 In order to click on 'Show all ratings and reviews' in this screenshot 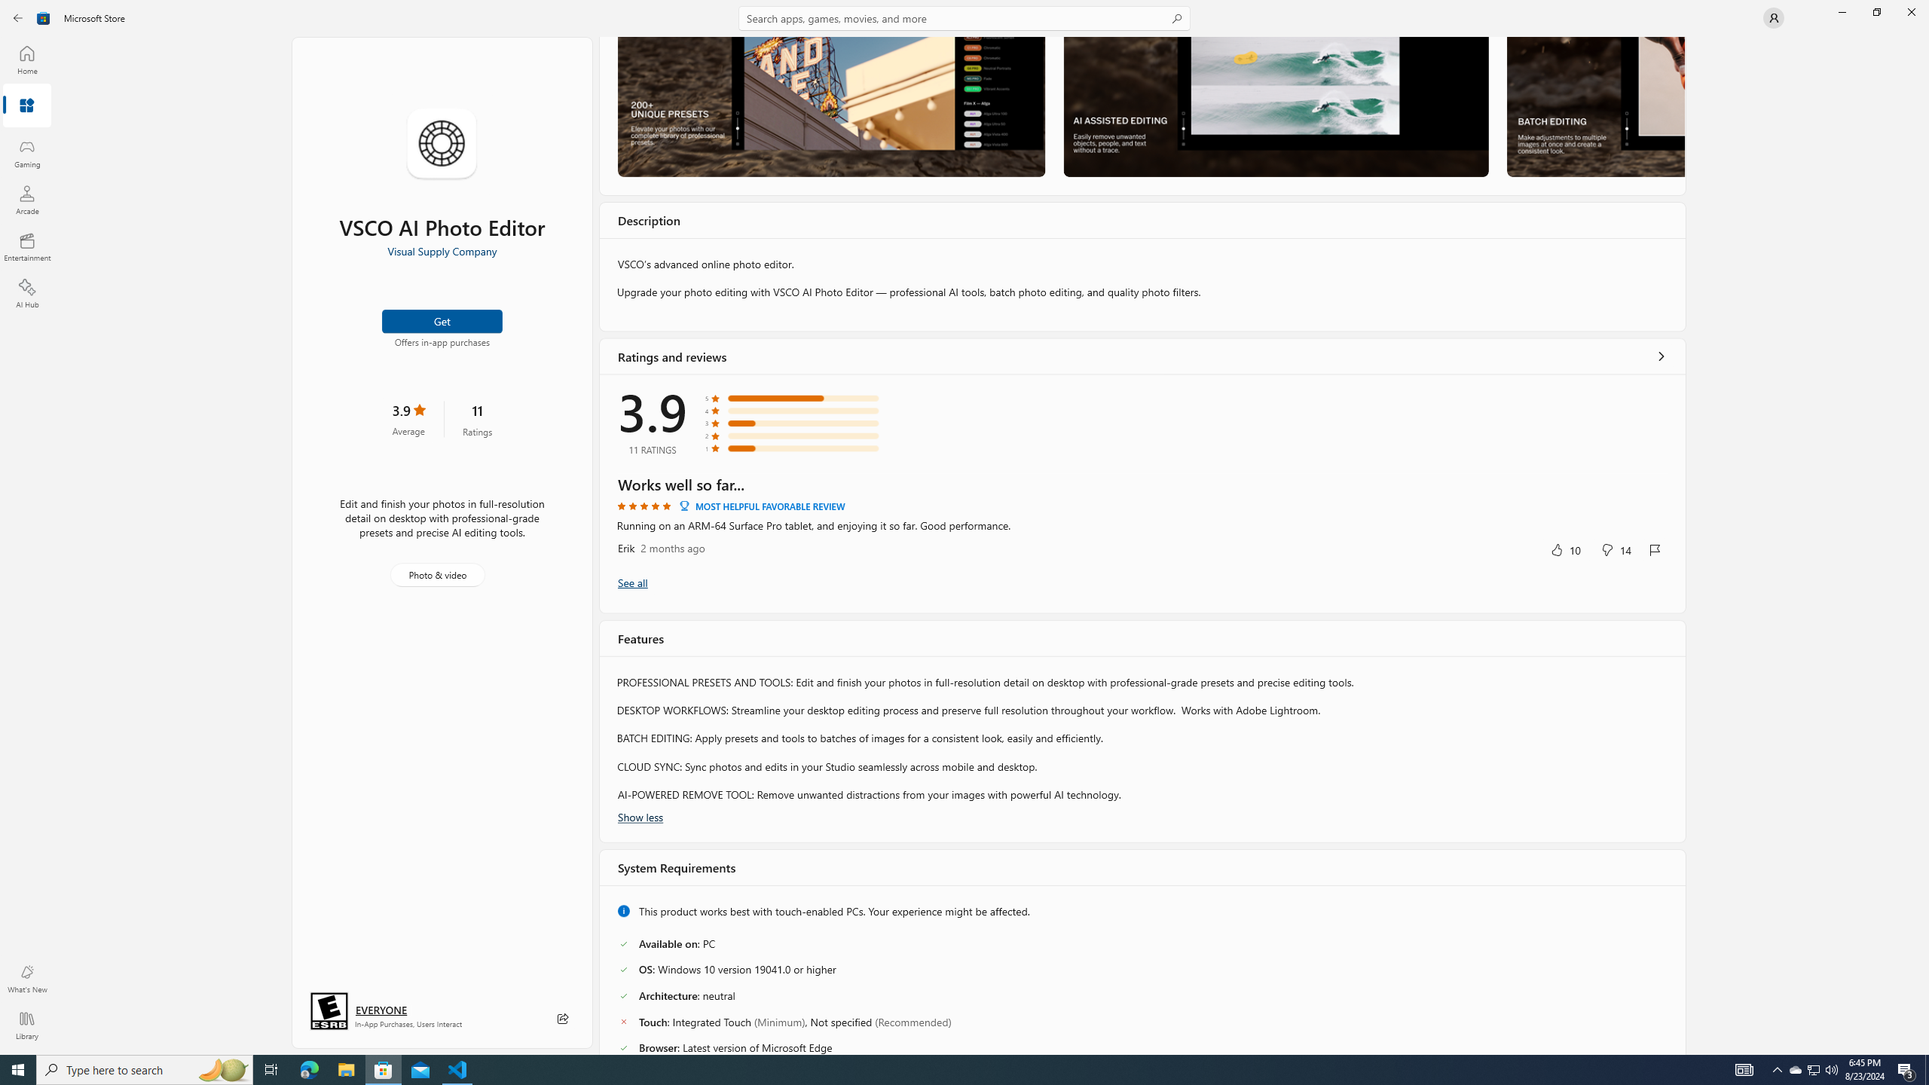, I will do `click(632, 582)`.